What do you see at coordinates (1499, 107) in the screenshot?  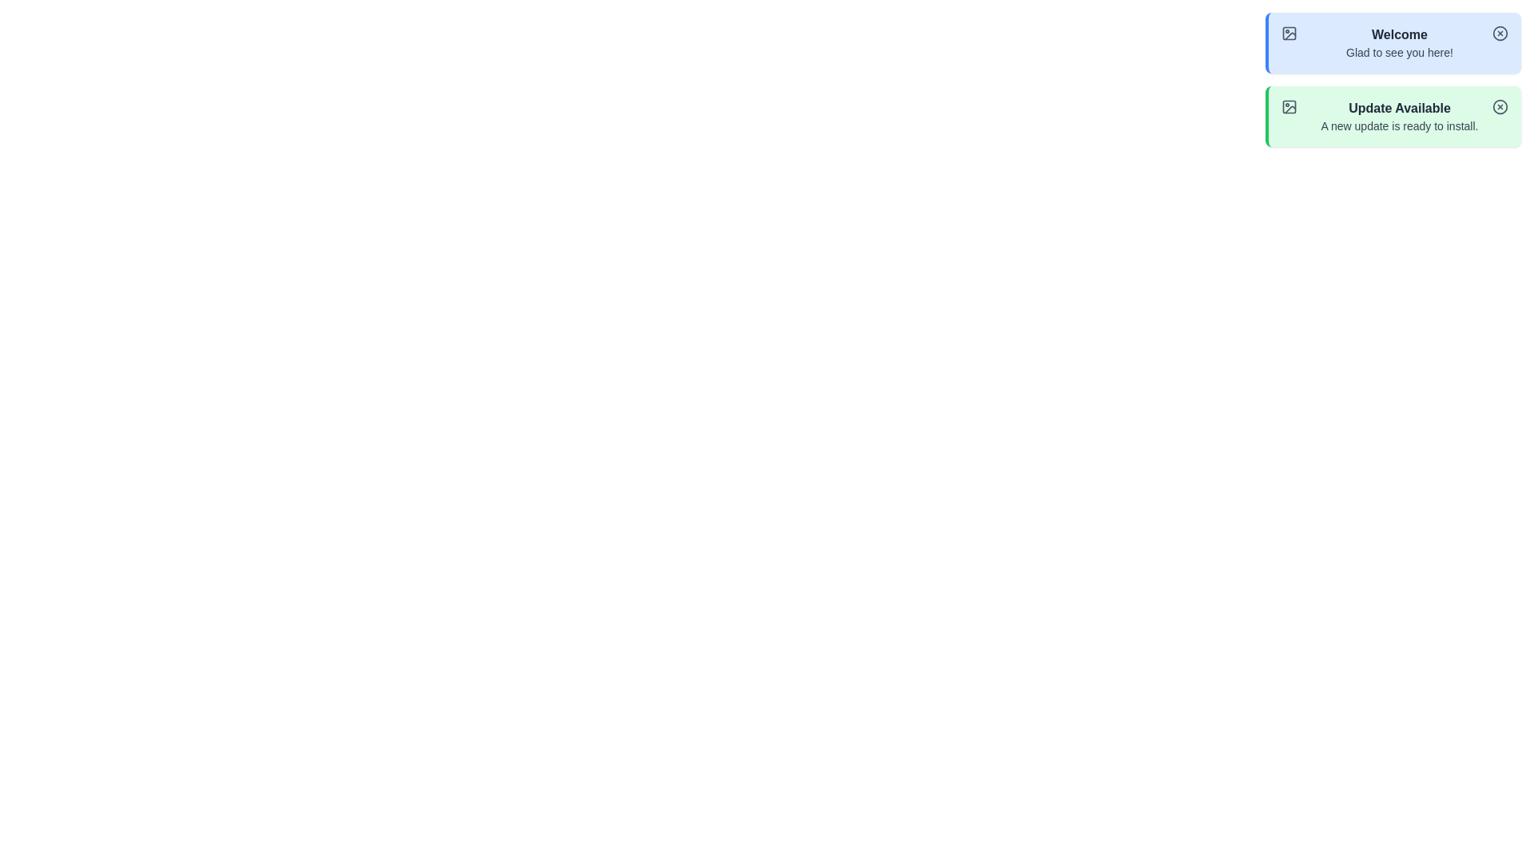 I see `close button of the notification with title 'Update Available'` at bounding box center [1499, 107].